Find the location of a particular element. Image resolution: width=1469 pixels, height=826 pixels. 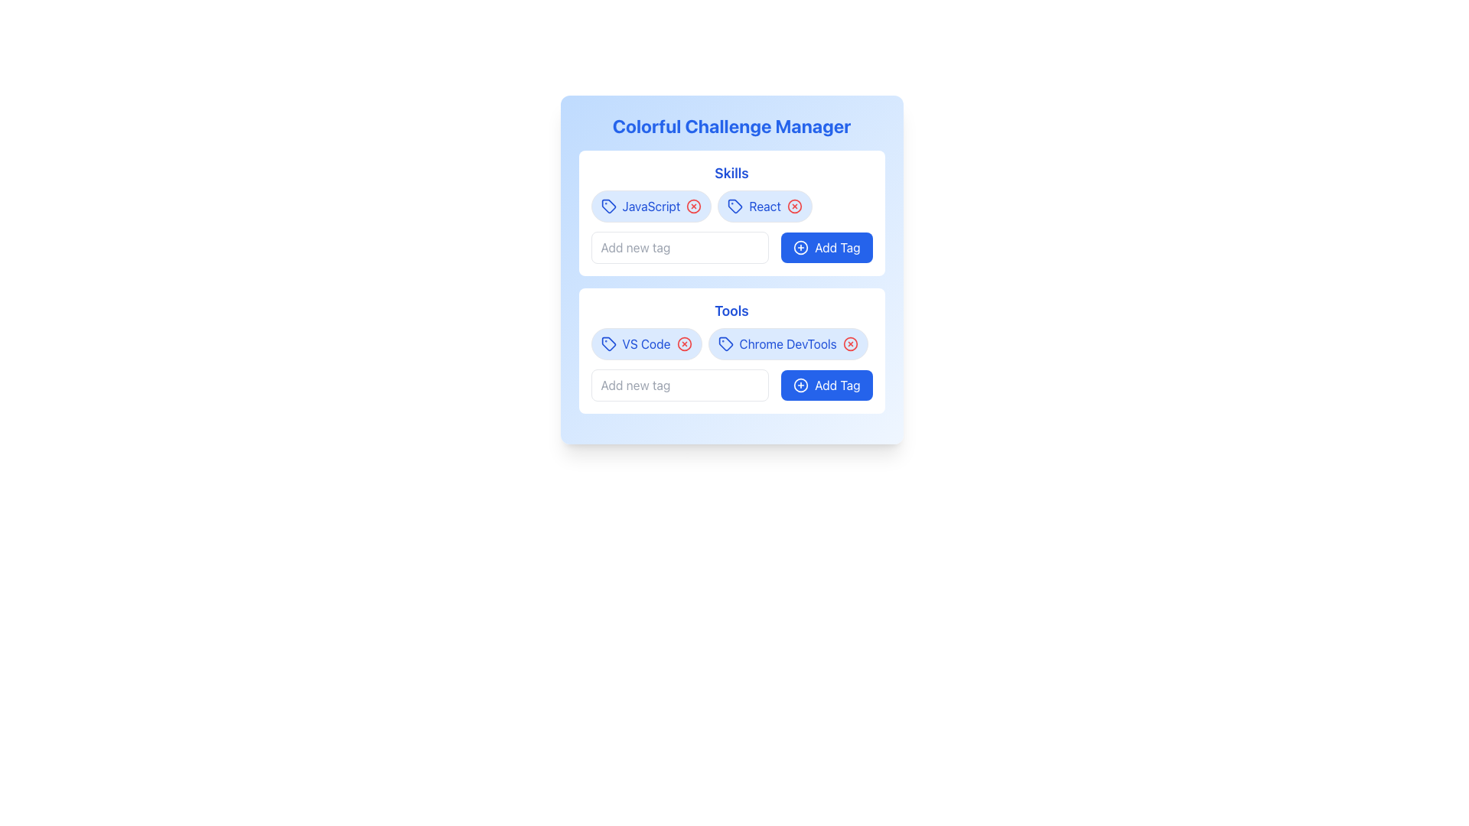

the circular icon with a blue outline and a plus sign inside it, located to the left of the 'Add Tag' text in the 'Skills' section is located at coordinates (800, 247).